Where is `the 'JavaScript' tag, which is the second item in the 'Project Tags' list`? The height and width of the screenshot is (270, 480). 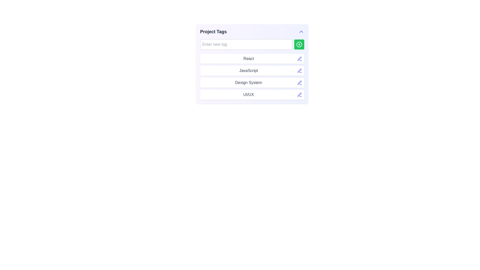
the 'JavaScript' tag, which is the second item in the 'Project Tags' list is located at coordinates (252, 70).